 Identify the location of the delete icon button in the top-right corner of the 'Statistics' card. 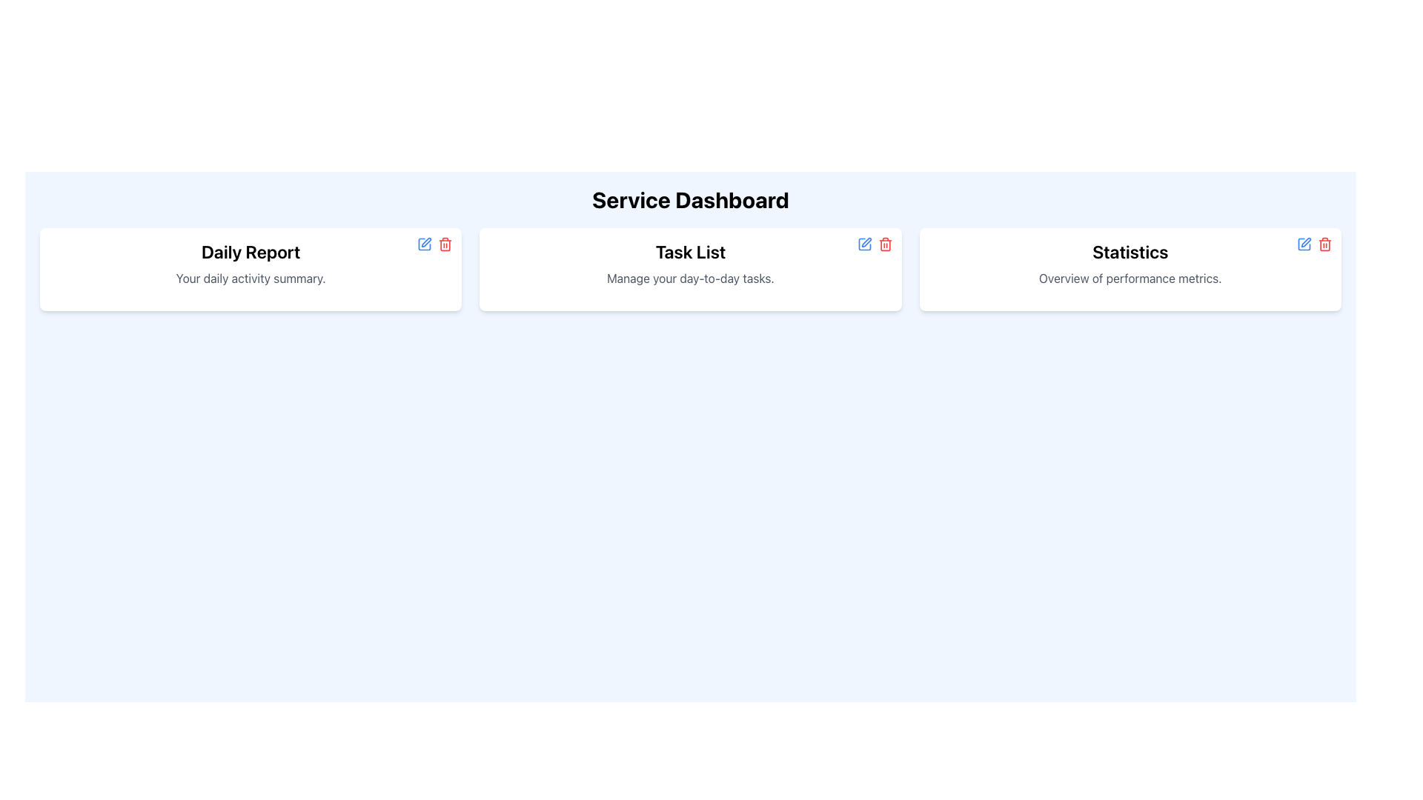
(1314, 244).